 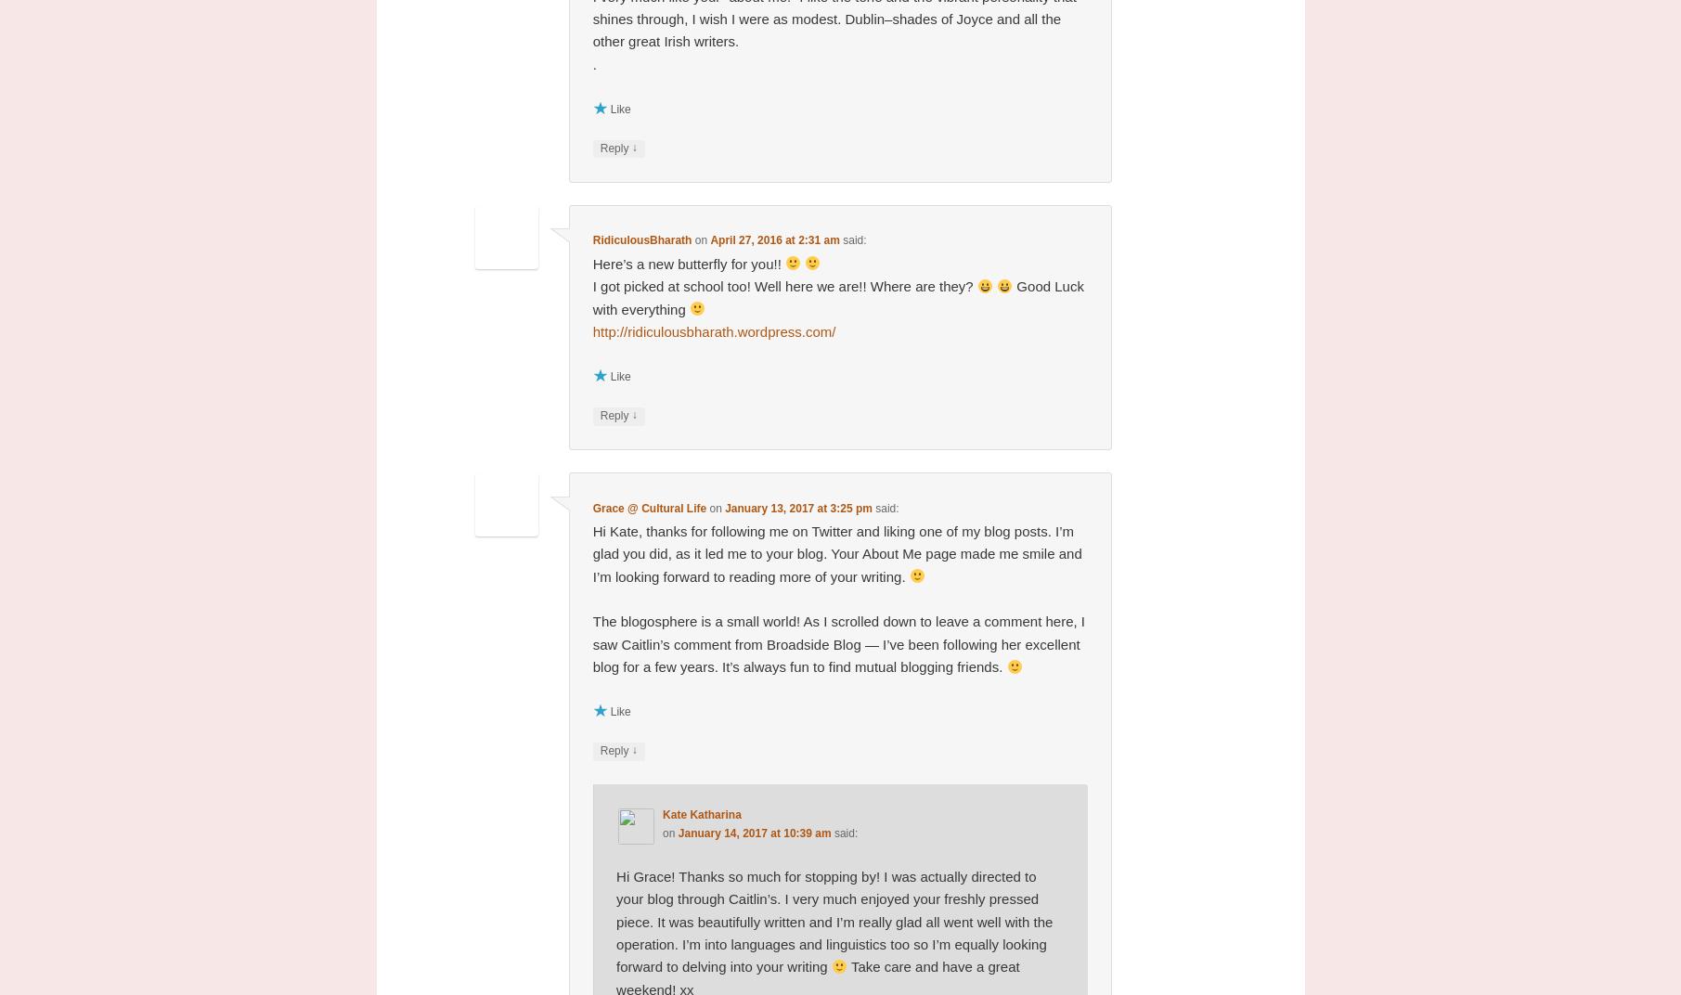 What do you see at coordinates (592, 262) in the screenshot?
I see `'Here’s a new butterfly for you!!'` at bounding box center [592, 262].